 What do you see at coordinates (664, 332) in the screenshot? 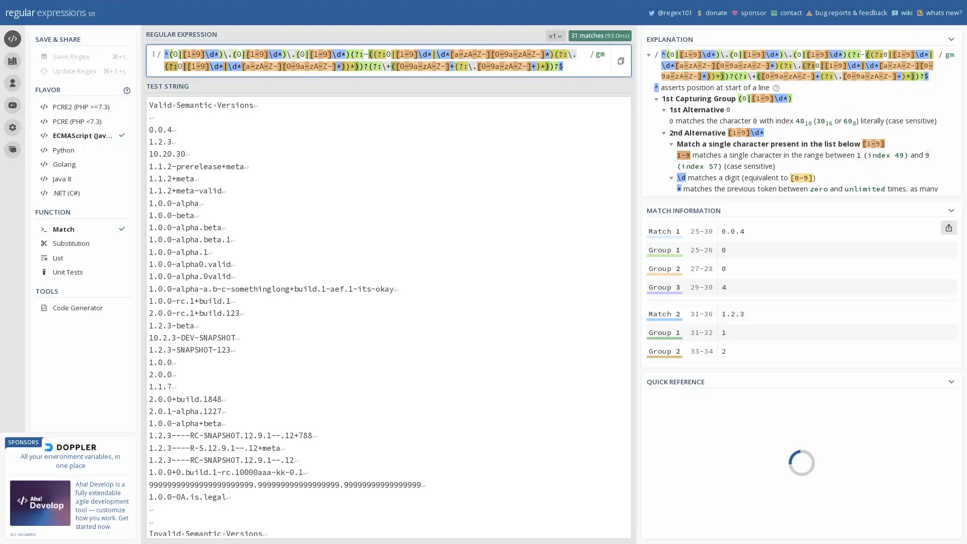
I see `Group 1` at bounding box center [664, 332].